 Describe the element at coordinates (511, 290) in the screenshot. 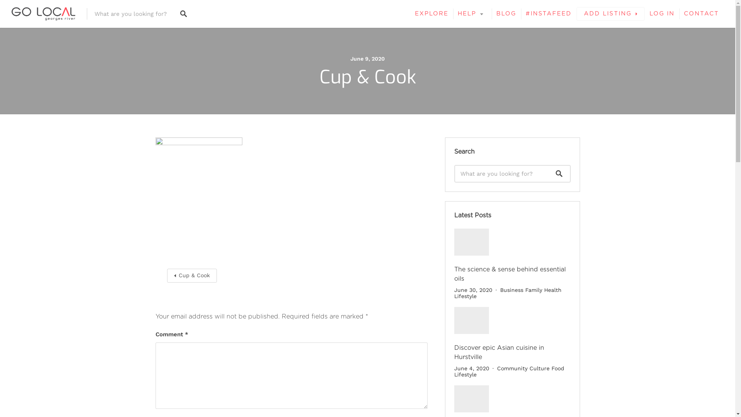

I see `'Business'` at that location.